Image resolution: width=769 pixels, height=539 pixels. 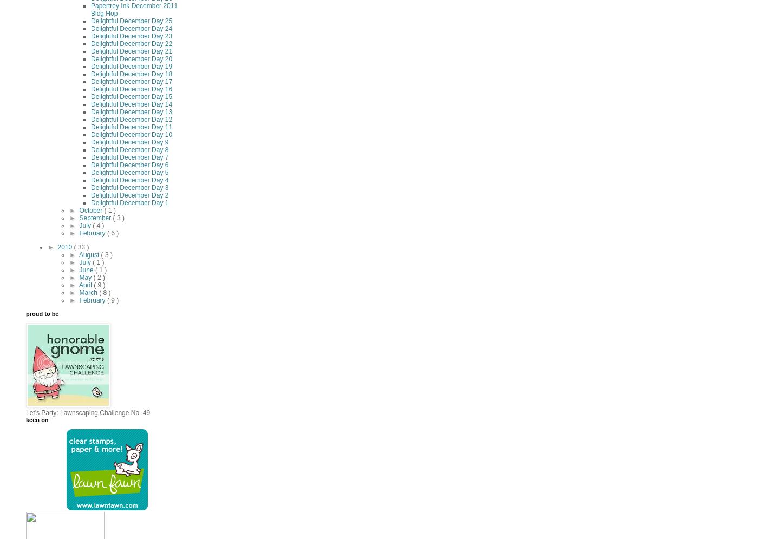 I want to click on 'Delightful December Day 10', so click(x=131, y=135).